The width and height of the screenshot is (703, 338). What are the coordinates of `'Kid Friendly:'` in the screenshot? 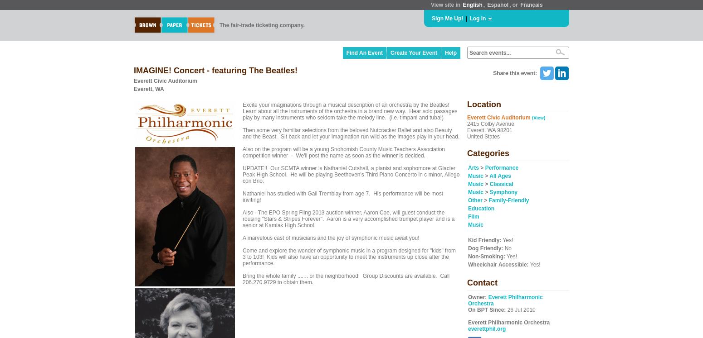 It's located at (484, 240).